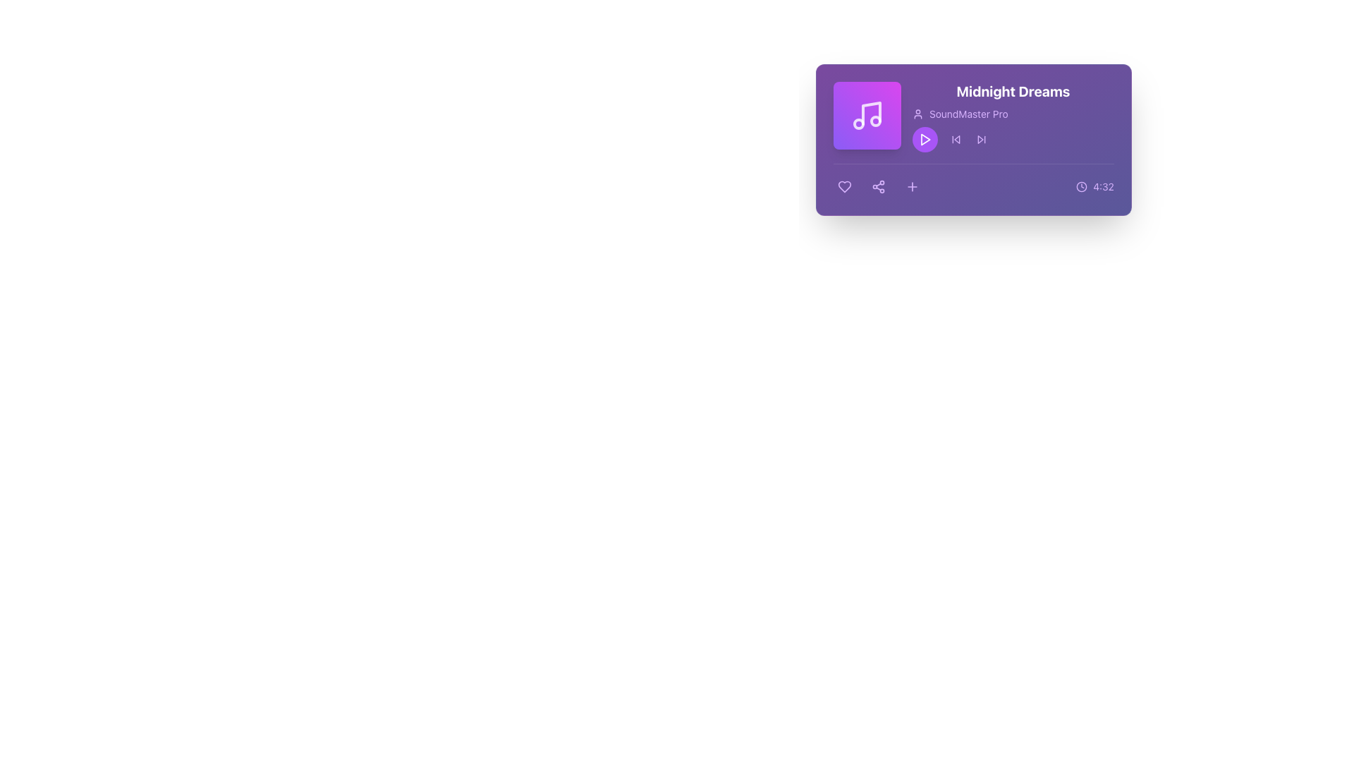  I want to click on the button that triggers the action for adding an item to a list, so click(913, 186).